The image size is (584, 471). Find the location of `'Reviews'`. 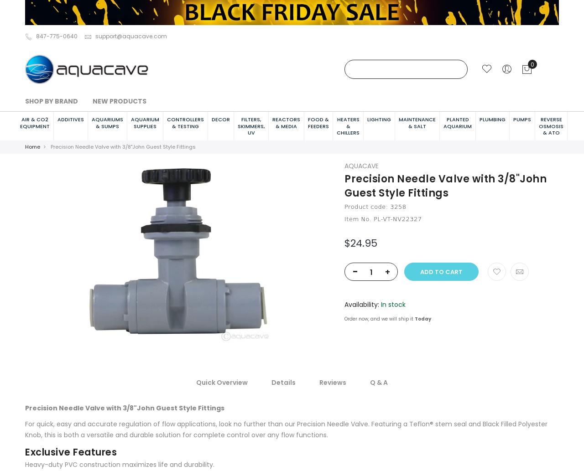

'Reviews' is located at coordinates (332, 383).